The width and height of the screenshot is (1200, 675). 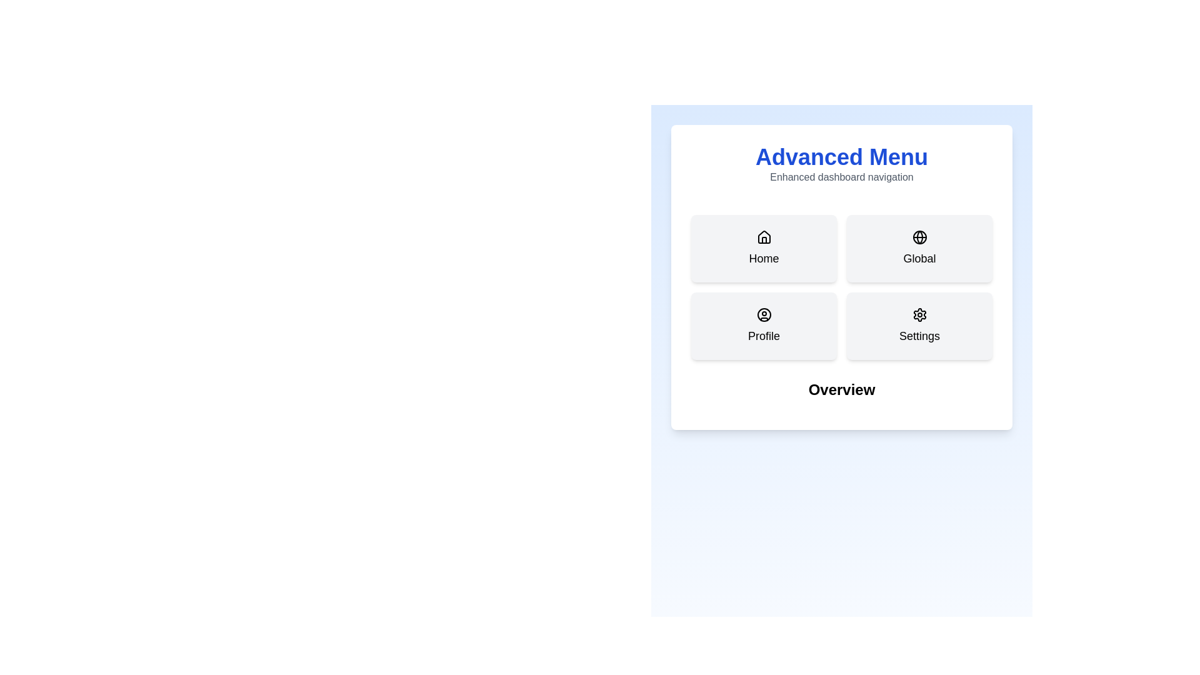 I want to click on the tab button labeled Home to select it, so click(x=763, y=248).